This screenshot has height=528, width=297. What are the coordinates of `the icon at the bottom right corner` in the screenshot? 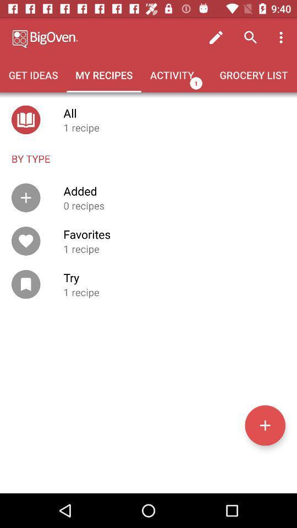 It's located at (265, 425).